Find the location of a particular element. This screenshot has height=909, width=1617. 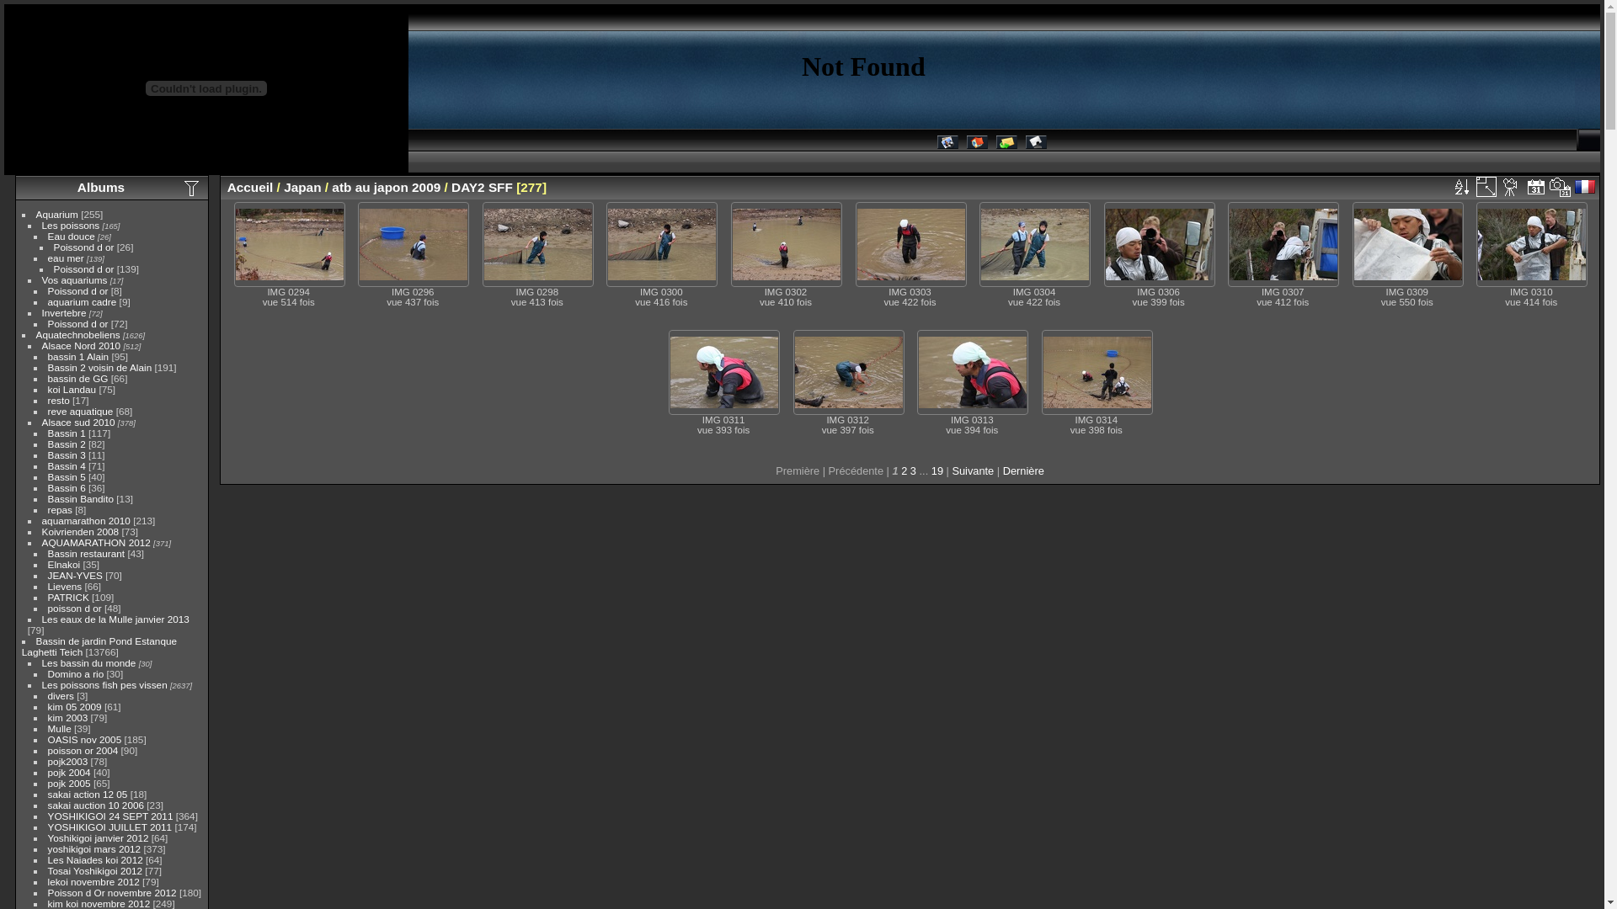

' ' is located at coordinates (1460, 187).